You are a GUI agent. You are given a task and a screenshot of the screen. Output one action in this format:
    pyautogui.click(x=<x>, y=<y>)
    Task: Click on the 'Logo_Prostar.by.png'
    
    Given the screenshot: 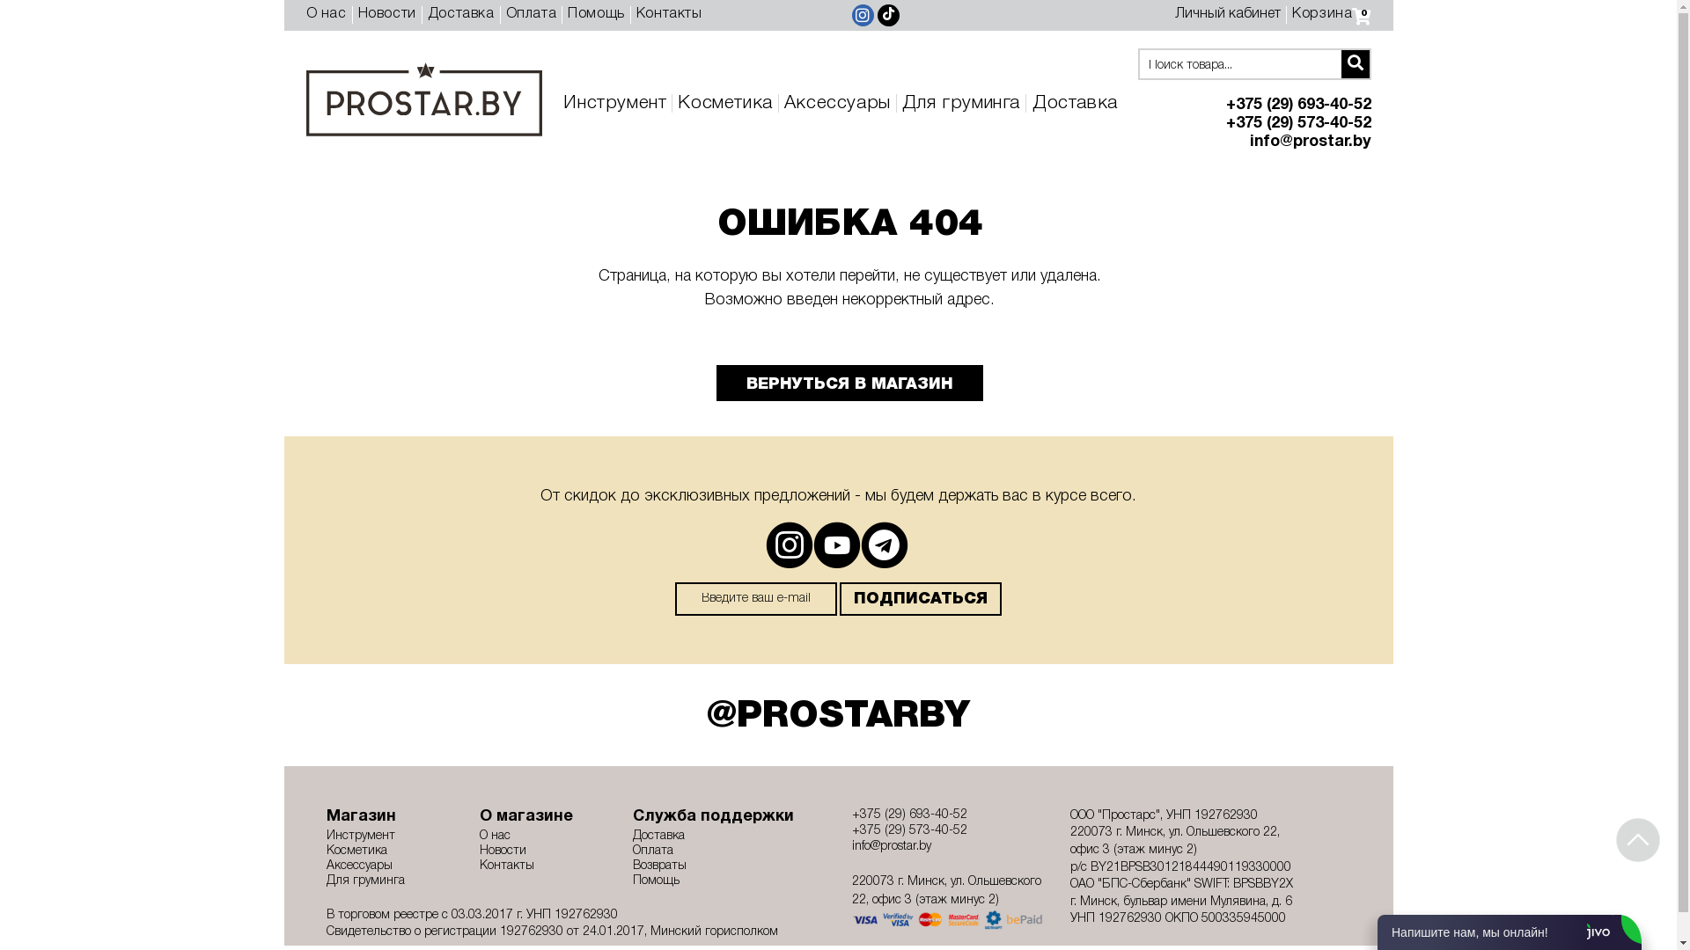 What is the action you would take?
    pyautogui.click(x=305, y=99)
    